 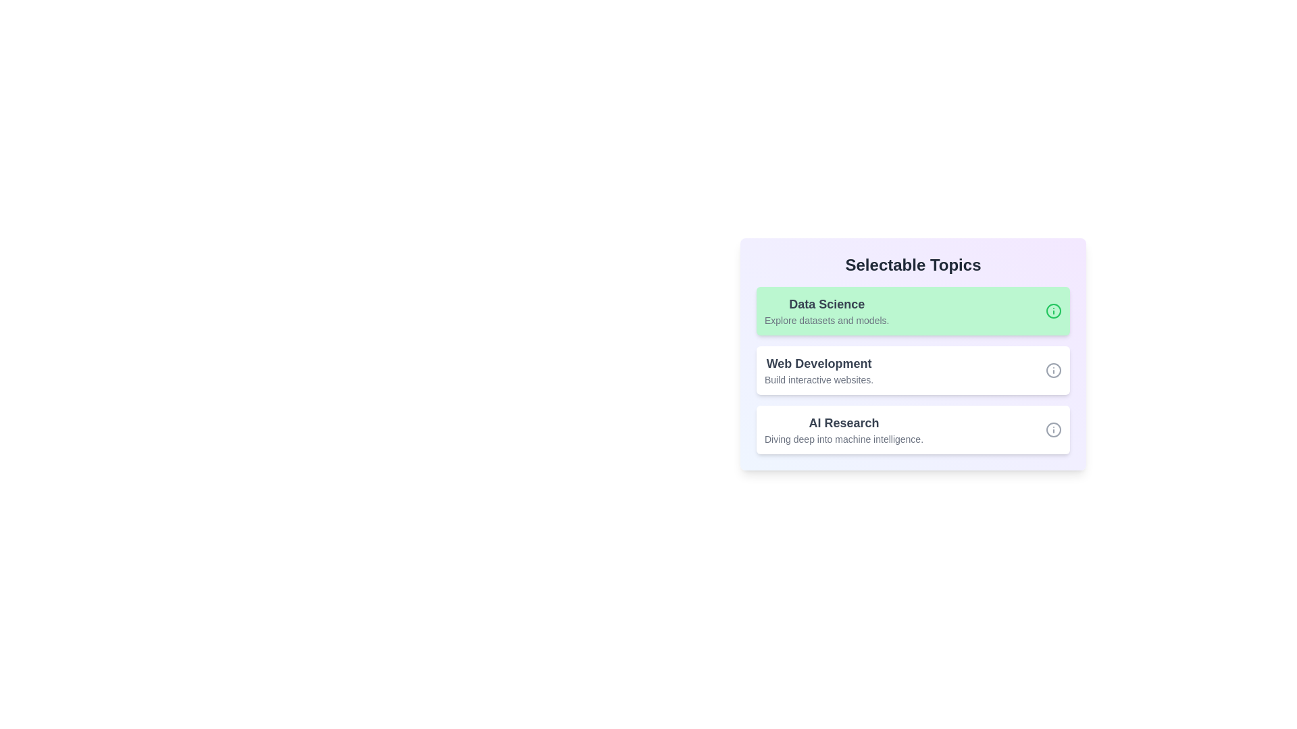 I want to click on the information icon for the topic Data Science, so click(x=1053, y=311).